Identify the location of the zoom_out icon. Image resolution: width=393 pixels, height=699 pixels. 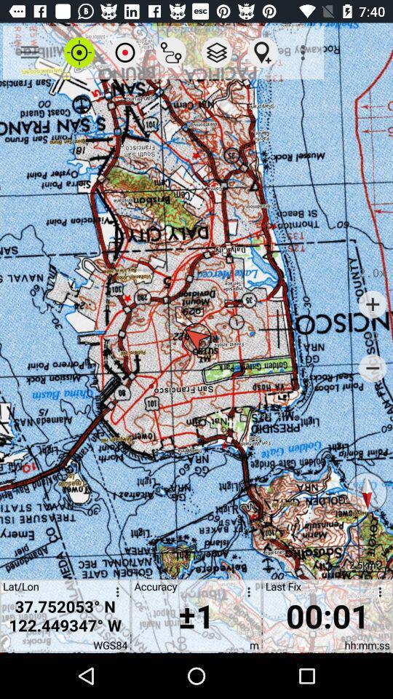
(373, 368).